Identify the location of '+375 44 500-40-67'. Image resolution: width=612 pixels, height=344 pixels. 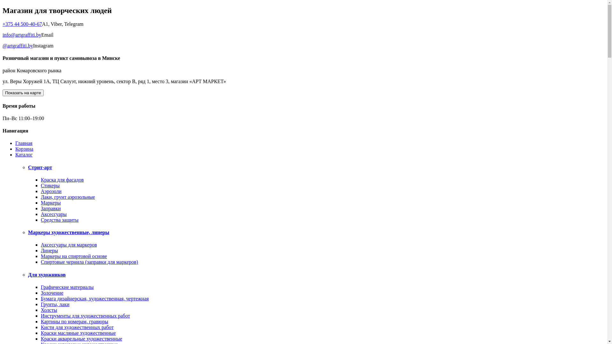
(3, 24).